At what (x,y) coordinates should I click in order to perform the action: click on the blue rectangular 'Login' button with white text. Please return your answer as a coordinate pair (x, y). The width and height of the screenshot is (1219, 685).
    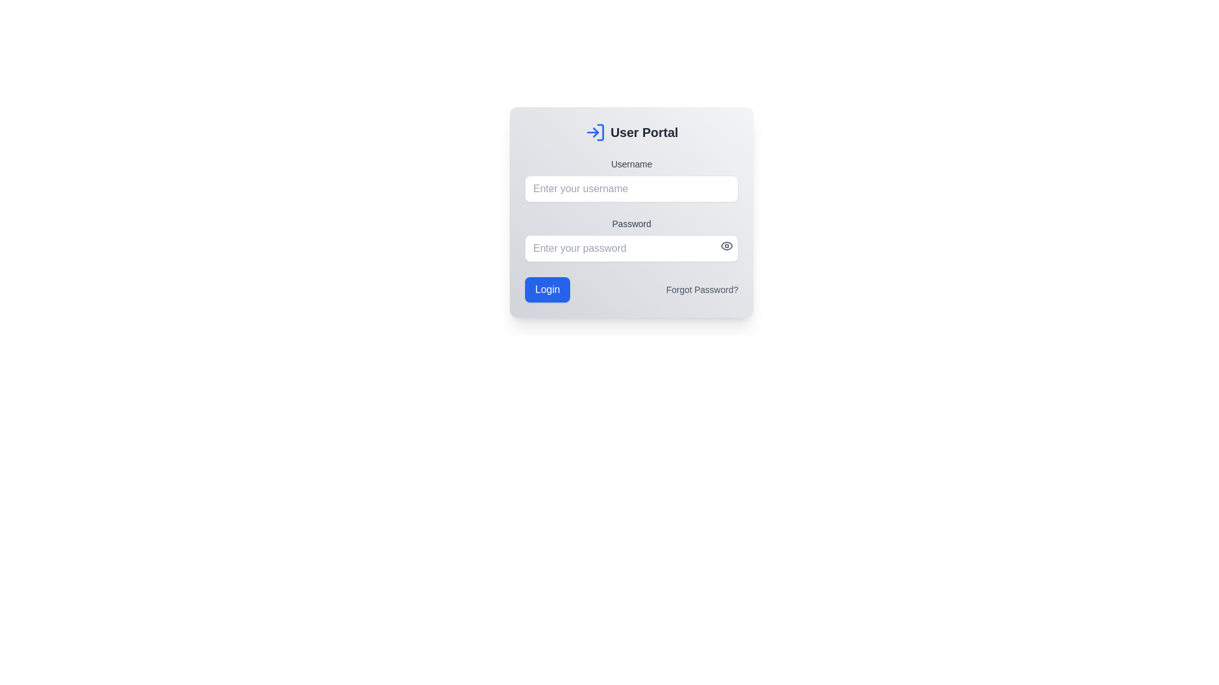
    Looking at the image, I should click on (547, 289).